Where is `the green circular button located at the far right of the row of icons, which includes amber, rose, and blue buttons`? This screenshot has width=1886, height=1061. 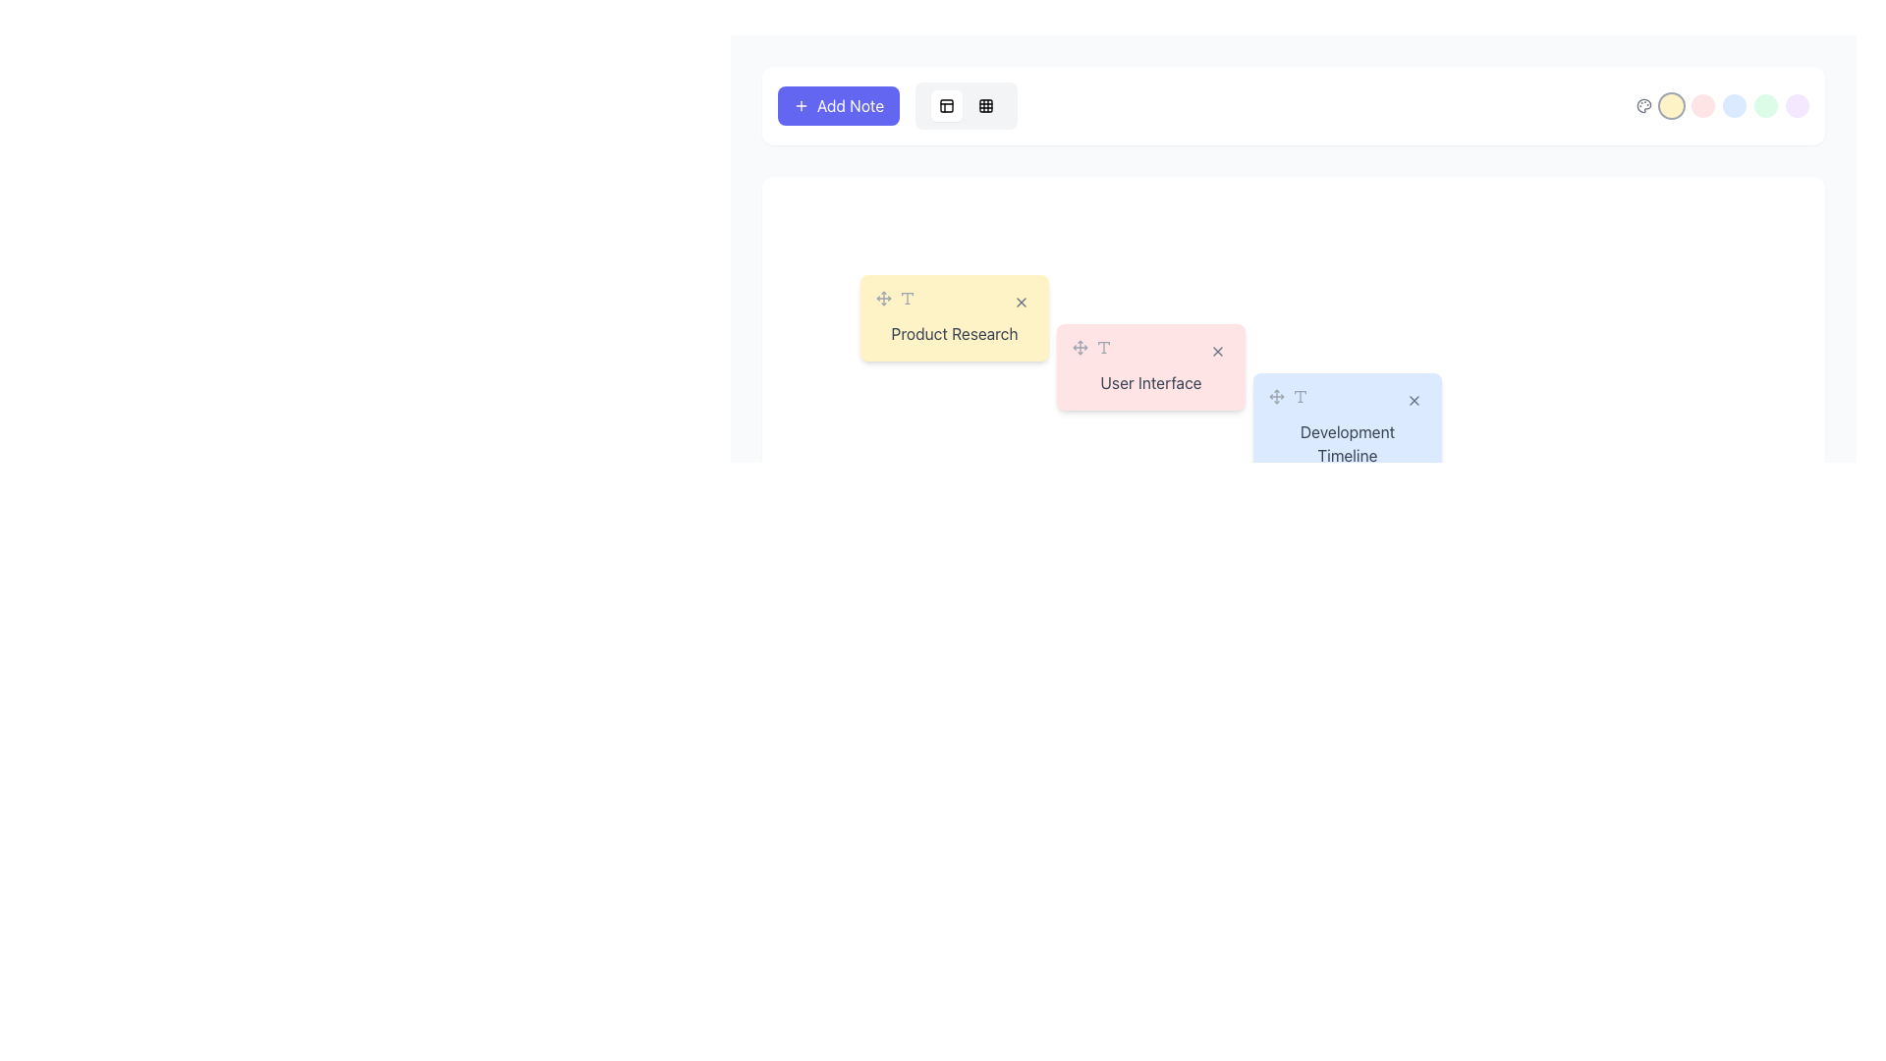
the green circular button located at the far right of the row of icons, which includes amber, rose, and blue buttons is located at coordinates (1766, 106).